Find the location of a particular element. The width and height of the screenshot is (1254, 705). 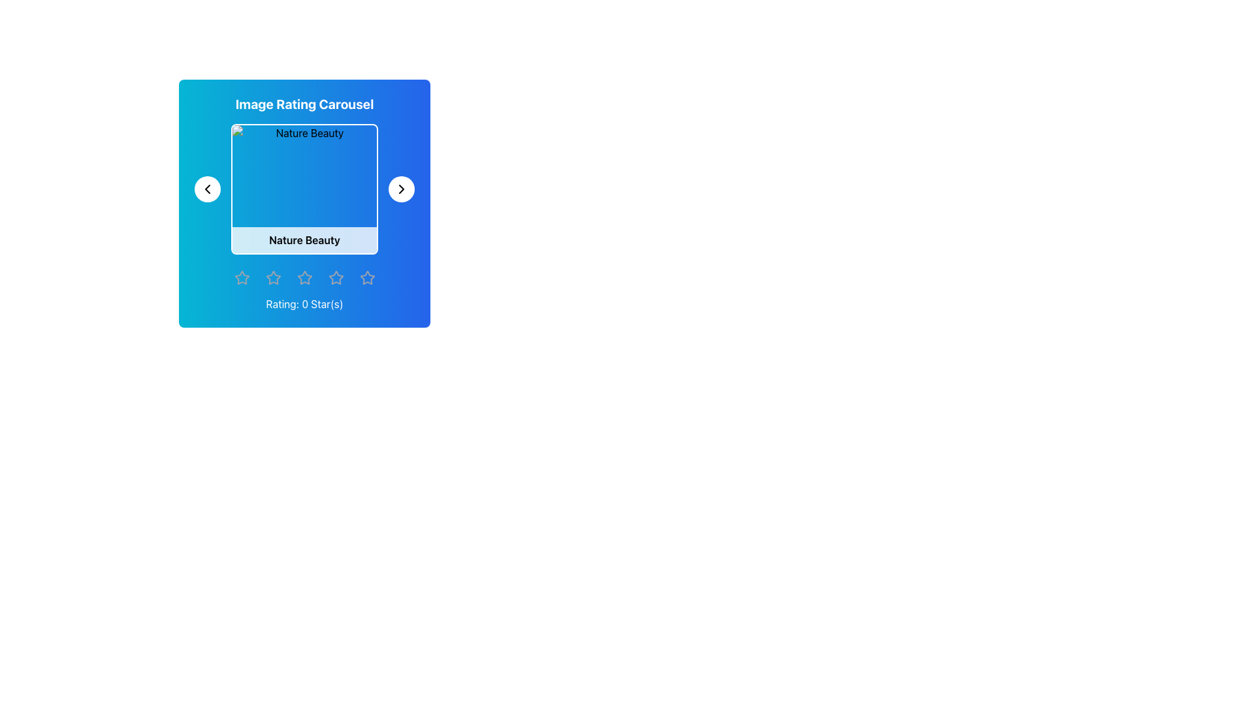

the fifth star-shaped icon in the star rating element is located at coordinates (366, 277).